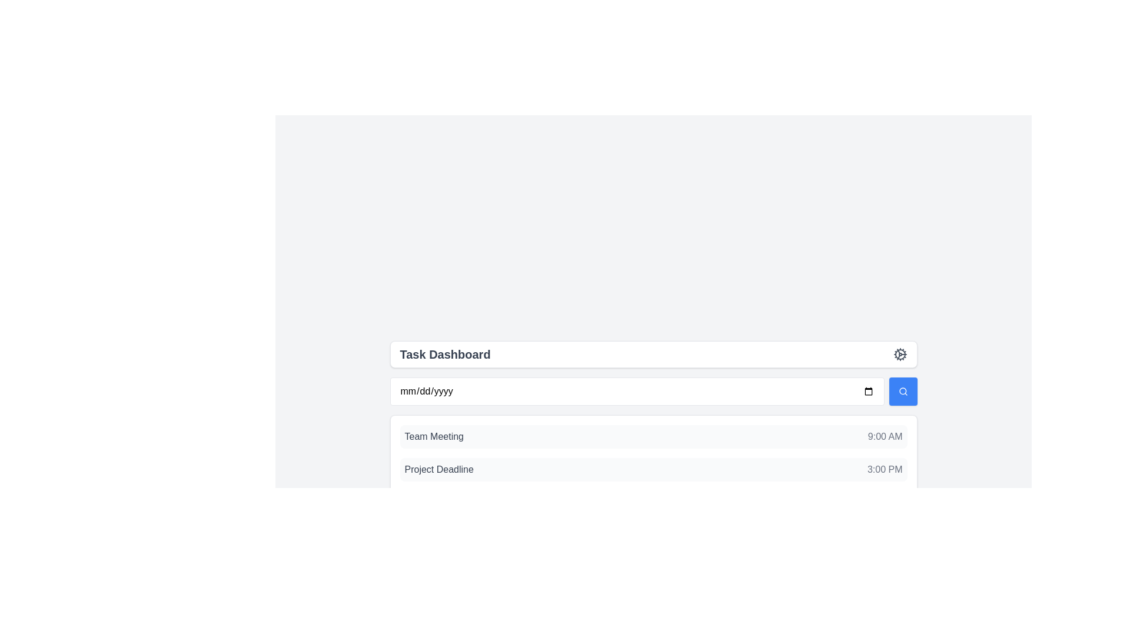  I want to click on the magnifying glass icon, which has a rounded light blue background and white border, so click(902, 392).